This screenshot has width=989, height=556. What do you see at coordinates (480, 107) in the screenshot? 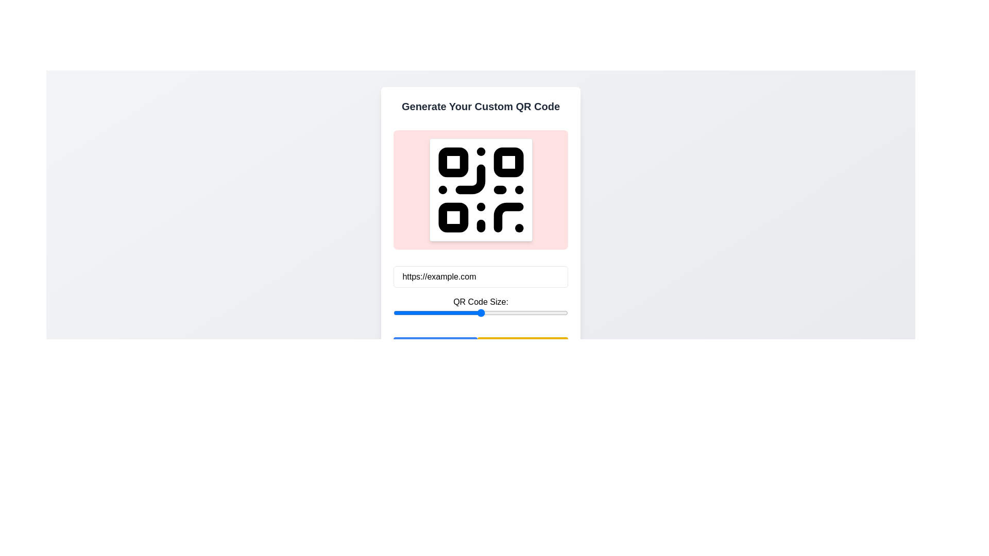
I see `text content of the element displaying 'Generate Your Custom QR Code', which is a bold, center-aligned text located at the top of its containing card` at bounding box center [480, 107].